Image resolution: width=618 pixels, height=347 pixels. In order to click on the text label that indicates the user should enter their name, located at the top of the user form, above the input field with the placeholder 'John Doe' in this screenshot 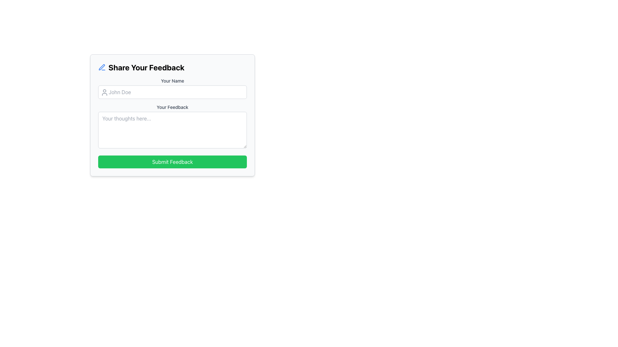, I will do `click(173, 80)`.